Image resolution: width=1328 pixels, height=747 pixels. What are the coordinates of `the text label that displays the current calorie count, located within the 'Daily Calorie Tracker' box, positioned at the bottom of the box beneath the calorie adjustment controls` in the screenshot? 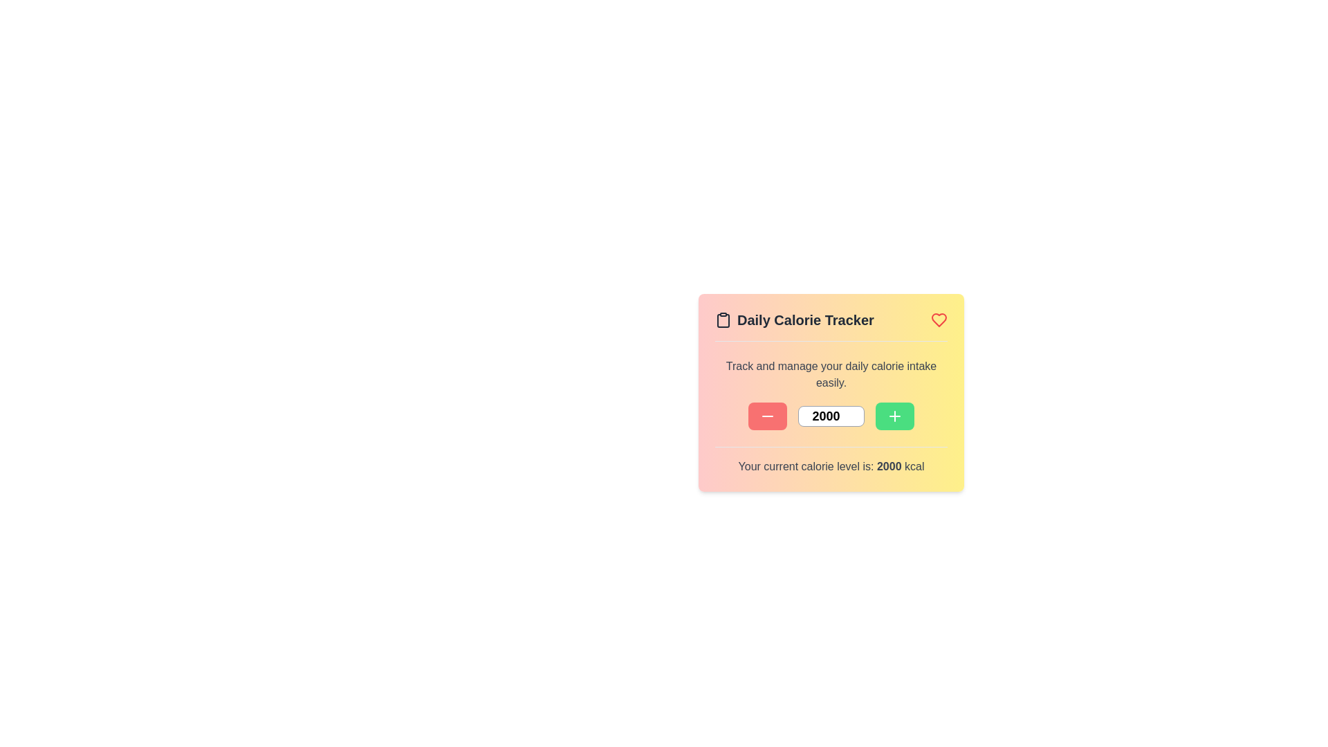 It's located at (830, 467).